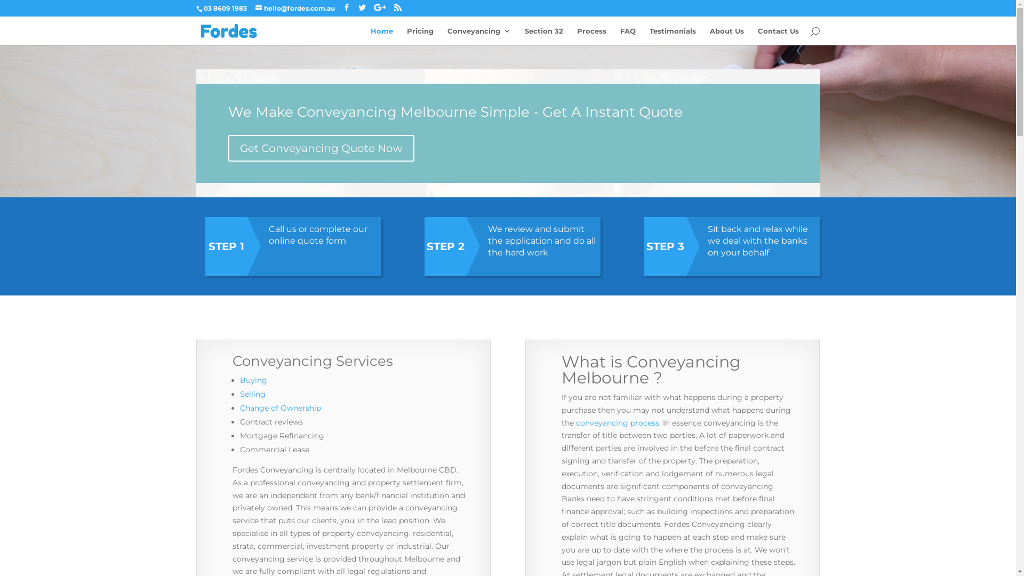 The image size is (1024, 576). I want to click on 'Pricing', so click(419, 36).